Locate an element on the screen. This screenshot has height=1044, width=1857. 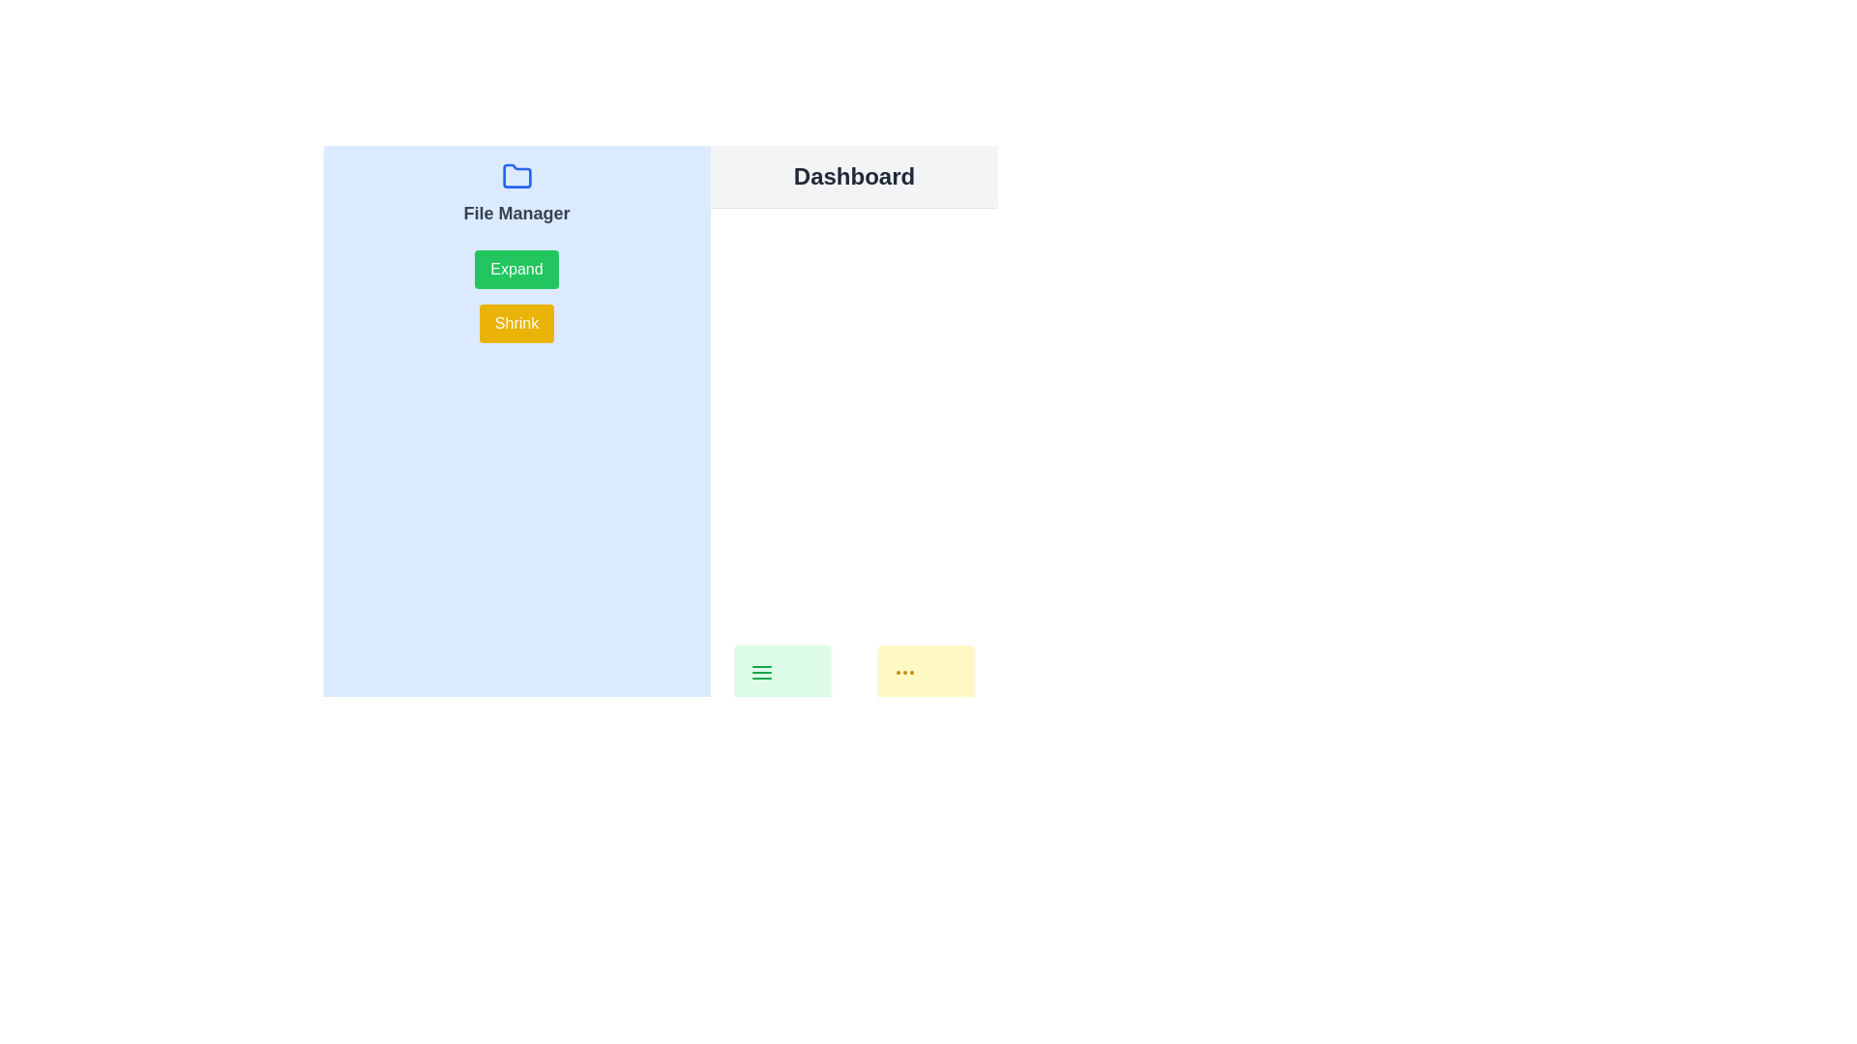
the green icon representing a menu button with three horizontal lines, located at the center of the 'Active Tasks' tile is located at coordinates (760, 671).